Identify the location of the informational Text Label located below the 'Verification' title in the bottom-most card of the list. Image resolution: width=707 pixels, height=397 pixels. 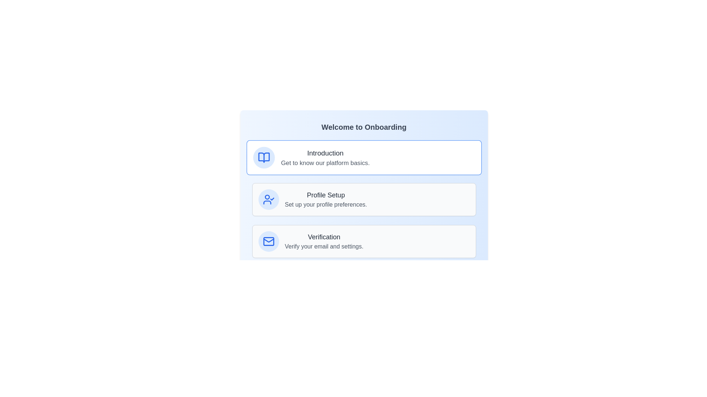
(324, 247).